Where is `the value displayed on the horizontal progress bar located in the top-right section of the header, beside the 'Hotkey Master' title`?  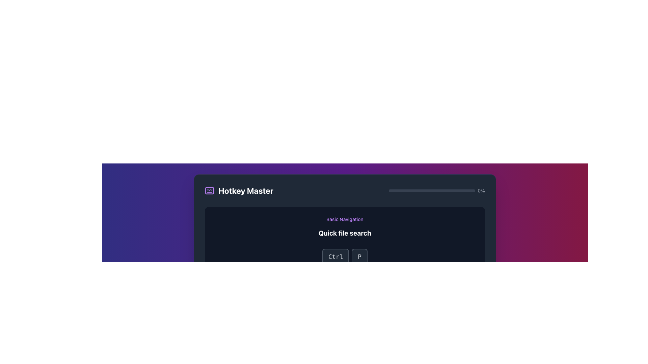
the value displayed on the horizontal progress bar located in the top-right section of the header, beside the 'Hotkey Master' title is located at coordinates (437, 191).